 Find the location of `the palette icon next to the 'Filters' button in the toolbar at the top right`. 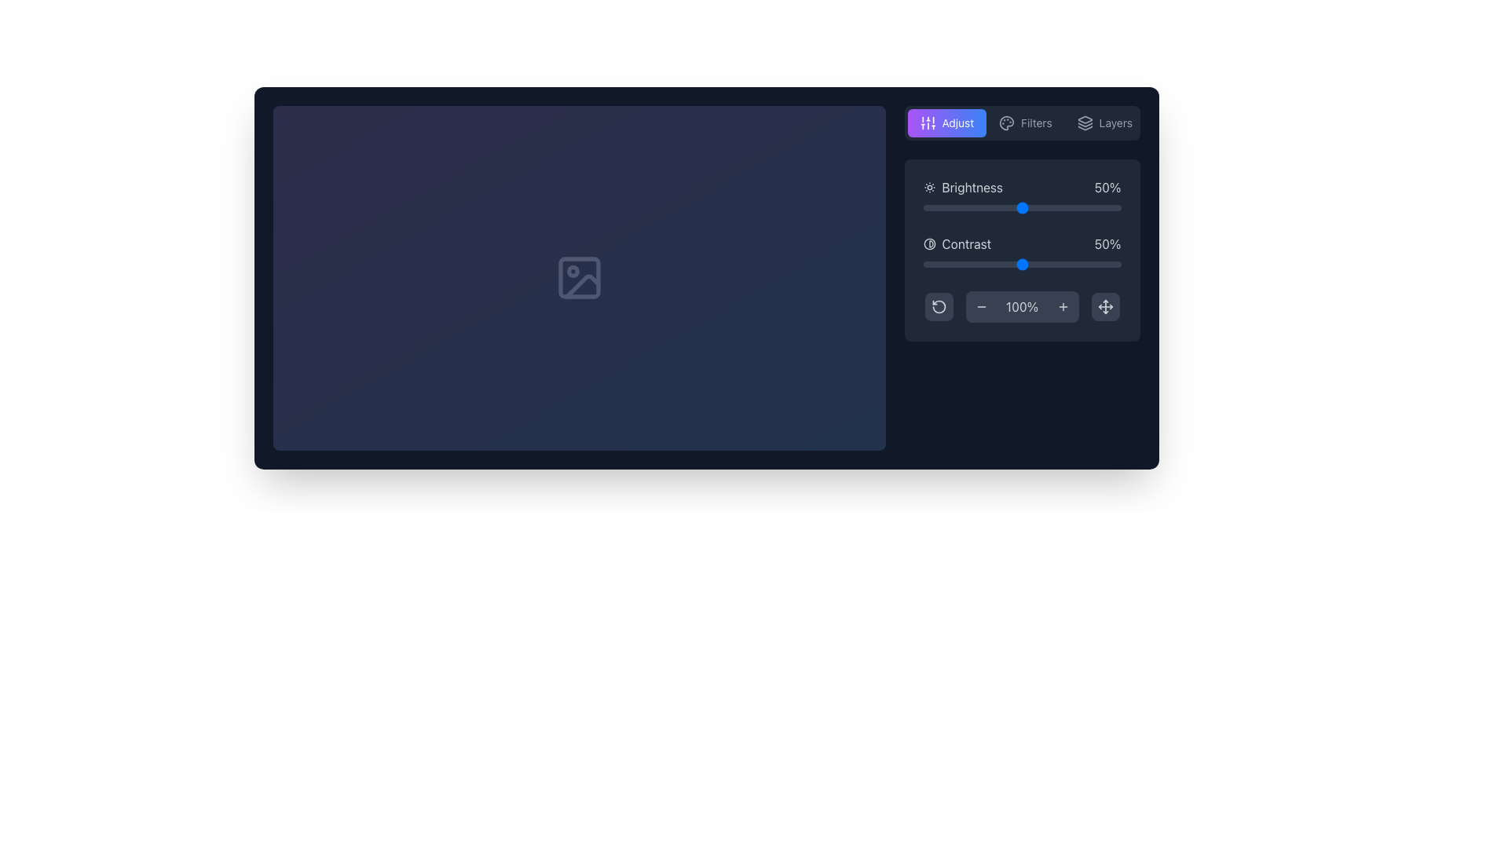

the palette icon next to the 'Filters' button in the toolbar at the top right is located at coordinates (1007, 122).